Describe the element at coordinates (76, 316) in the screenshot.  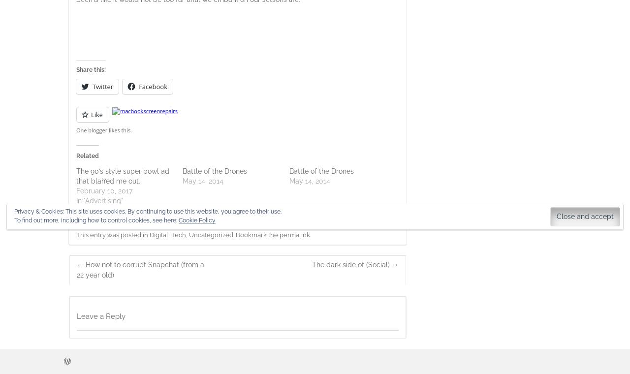
I see `'Leave a Reply'` at that location.